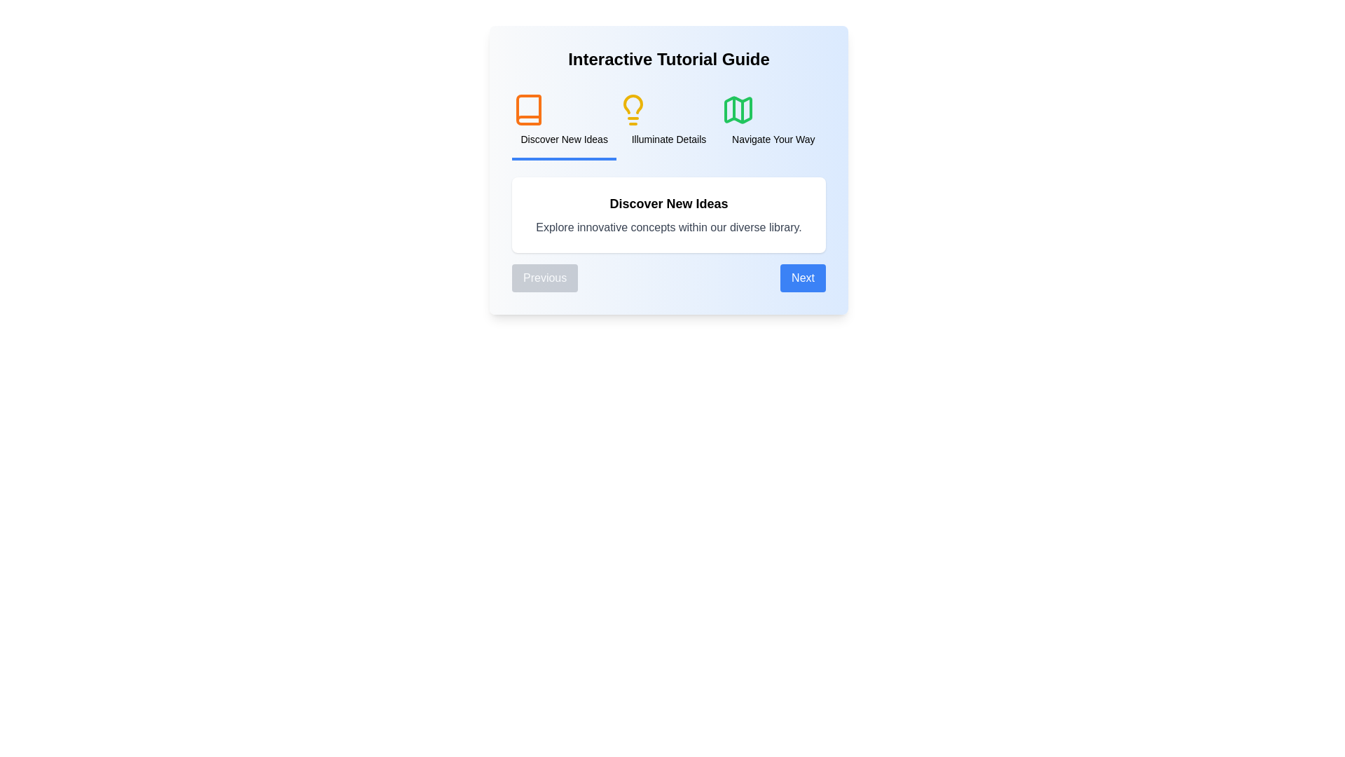  Describe the element at coordinates (668, 121) in the screenshot. I see `the title of the step labeled 'Illuminate Details' to navigate to it` at that location.